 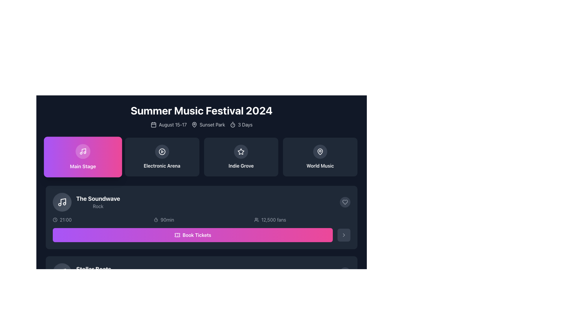 I want to click on the music icon inside the first circular button in the horizontal navigation bar at the top, so click(x=82, y=151).